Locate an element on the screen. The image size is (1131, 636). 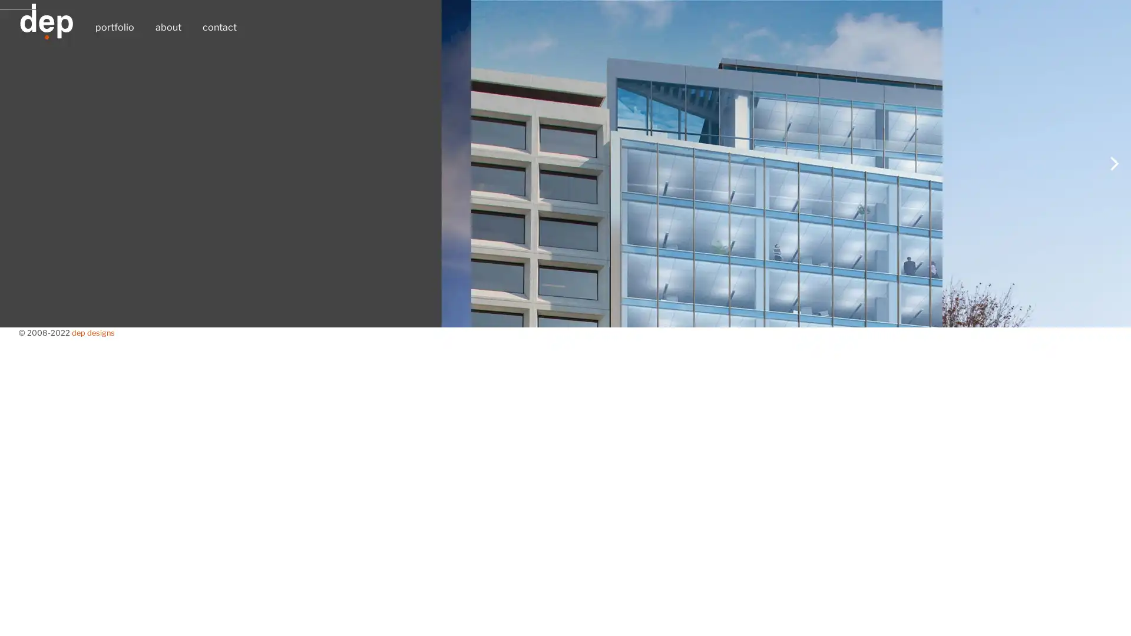
Next is located at coordinates (1113, 383).